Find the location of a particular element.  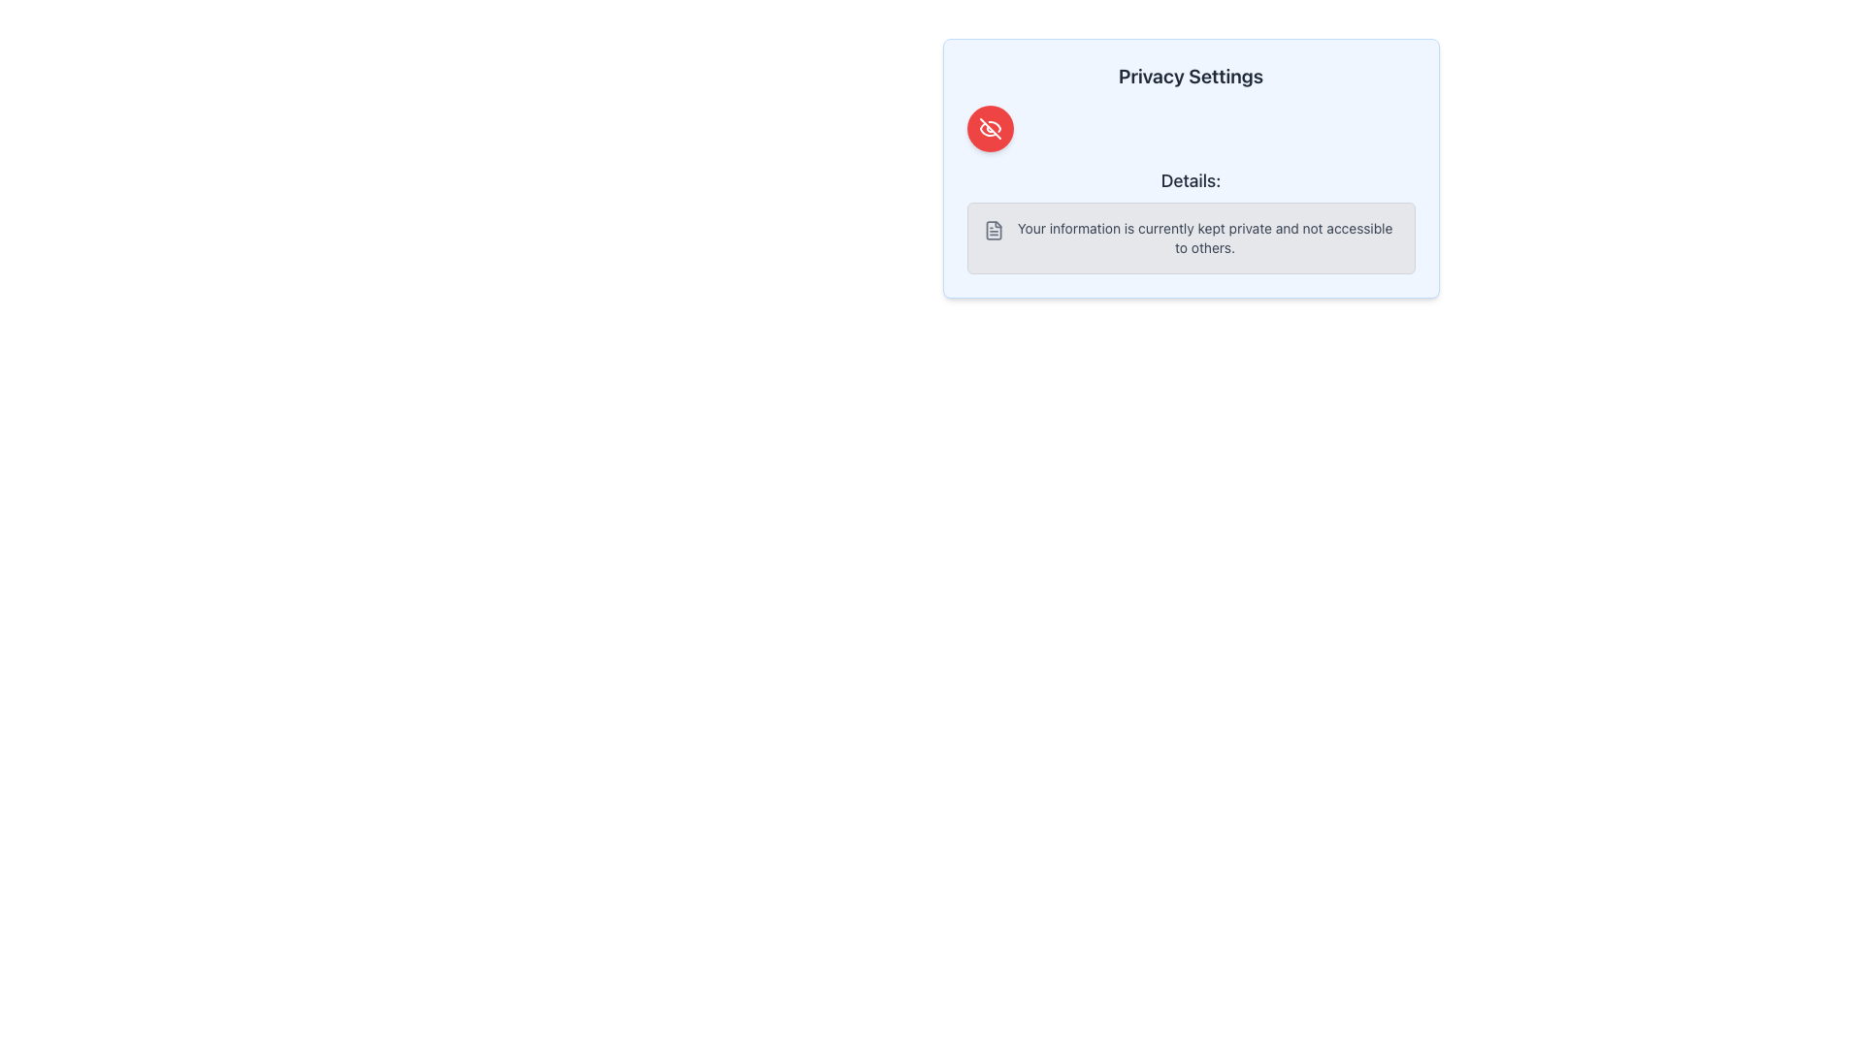

the SVG graphic icon representing document or file-related functionality located in the 'Details' section of the interface by moving the mouse pointer to its center is located at coordinates (994, 230).